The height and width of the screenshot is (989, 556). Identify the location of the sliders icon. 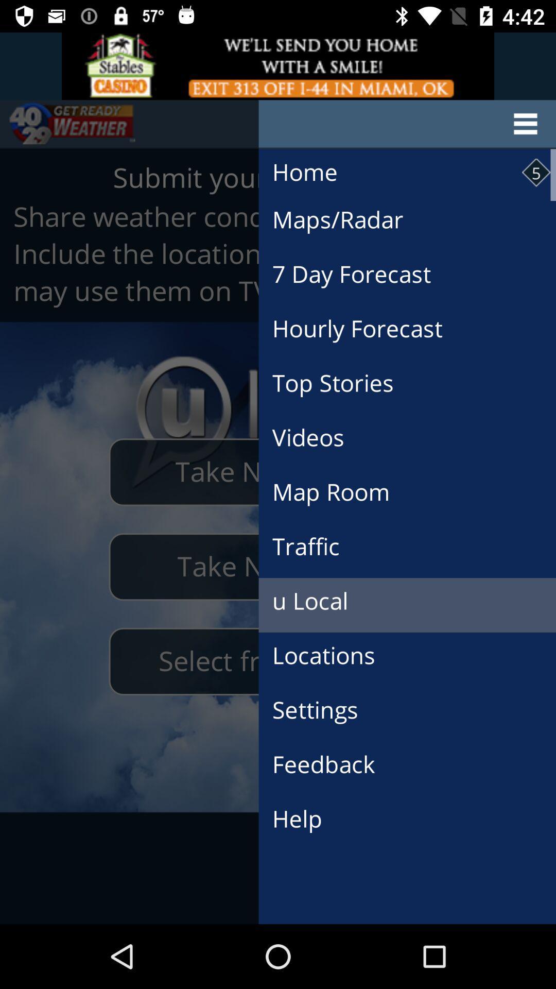
(67, 124).